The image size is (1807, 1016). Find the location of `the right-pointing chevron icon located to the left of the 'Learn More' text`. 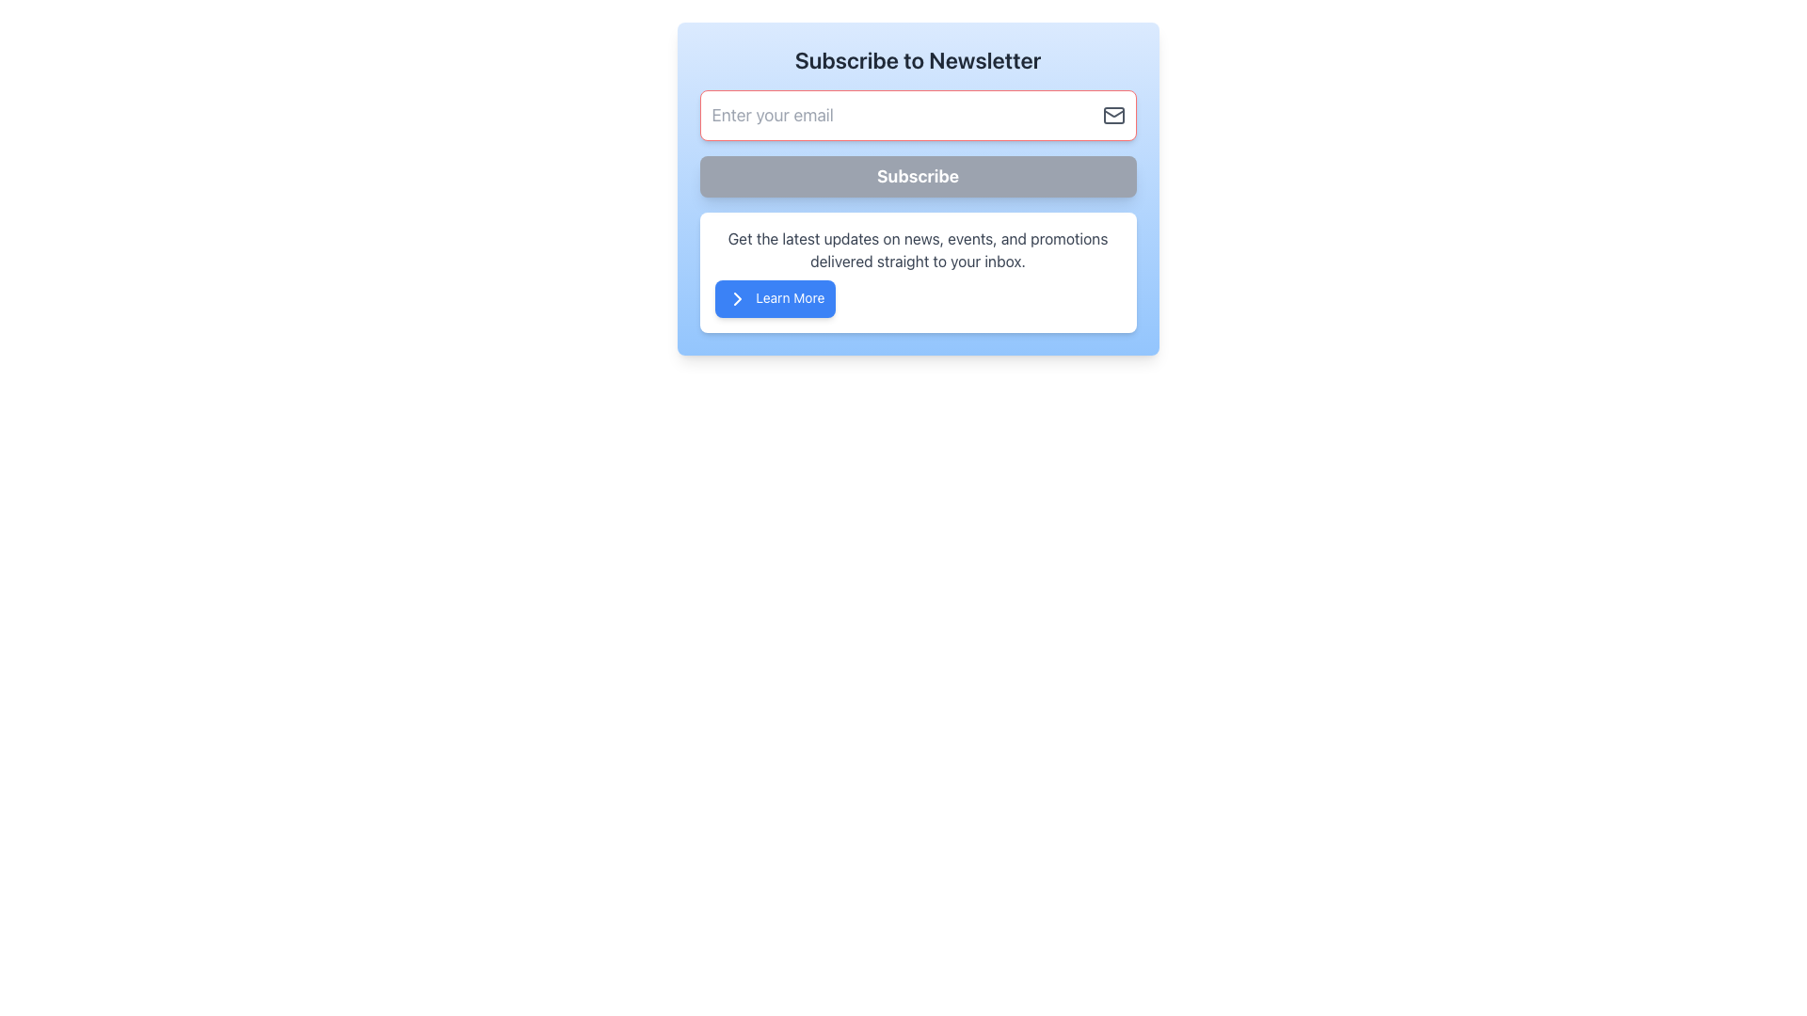

the right-pointing chevron icon located to the left of the 'Learn More' text is located at coordinates (736, 297).